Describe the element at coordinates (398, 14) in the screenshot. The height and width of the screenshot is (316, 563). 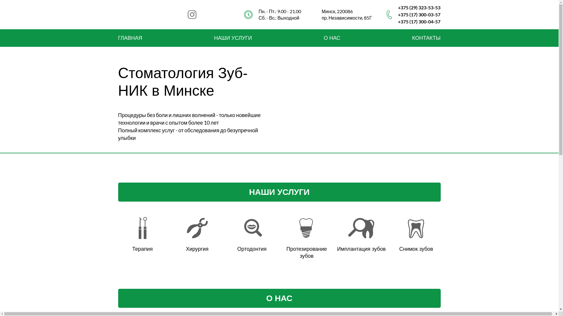
I see `'+375 (17) 300-03-57'` at that location.